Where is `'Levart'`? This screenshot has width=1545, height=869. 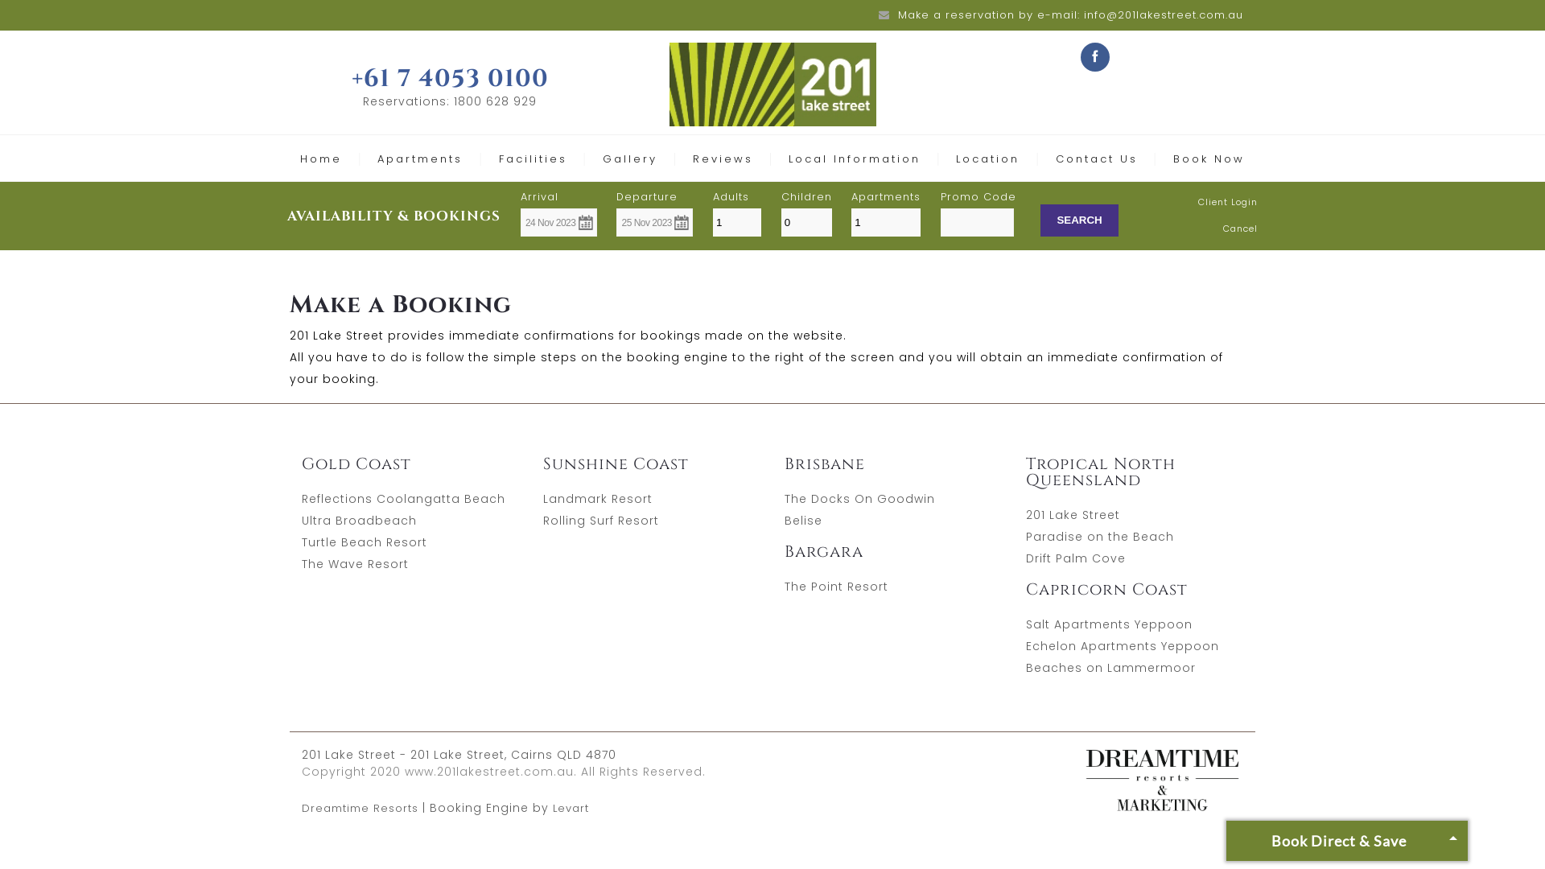
'Levart' is located at coordinates (571, 808).